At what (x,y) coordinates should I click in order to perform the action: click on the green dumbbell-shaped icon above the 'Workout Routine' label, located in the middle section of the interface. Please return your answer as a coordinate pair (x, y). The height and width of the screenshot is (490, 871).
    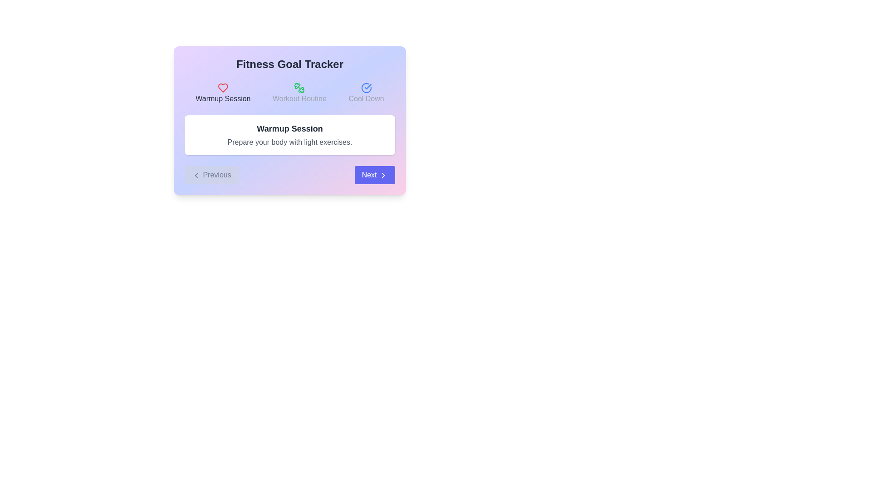
    Looking at the image, I should click on (299, 88).